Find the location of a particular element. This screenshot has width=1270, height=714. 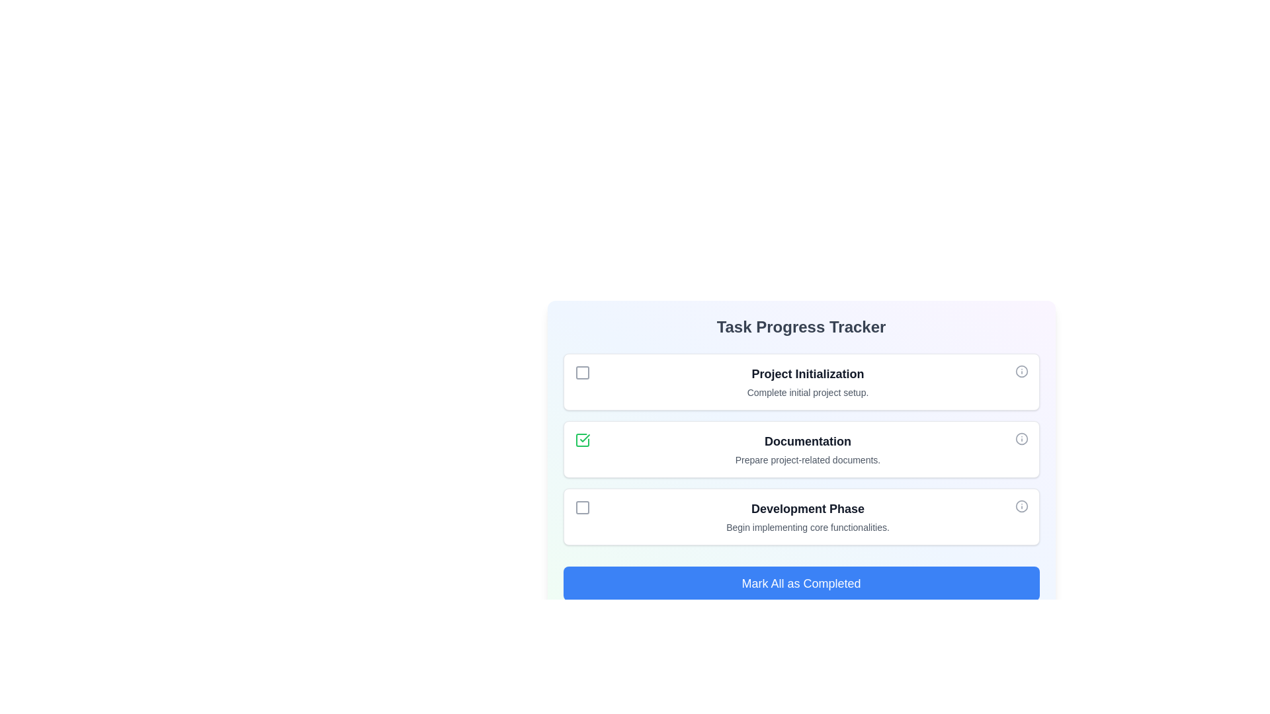

the Checkbox for the task 'Project Initialization' to provide visual feedback is located at coordinates (582, 372).